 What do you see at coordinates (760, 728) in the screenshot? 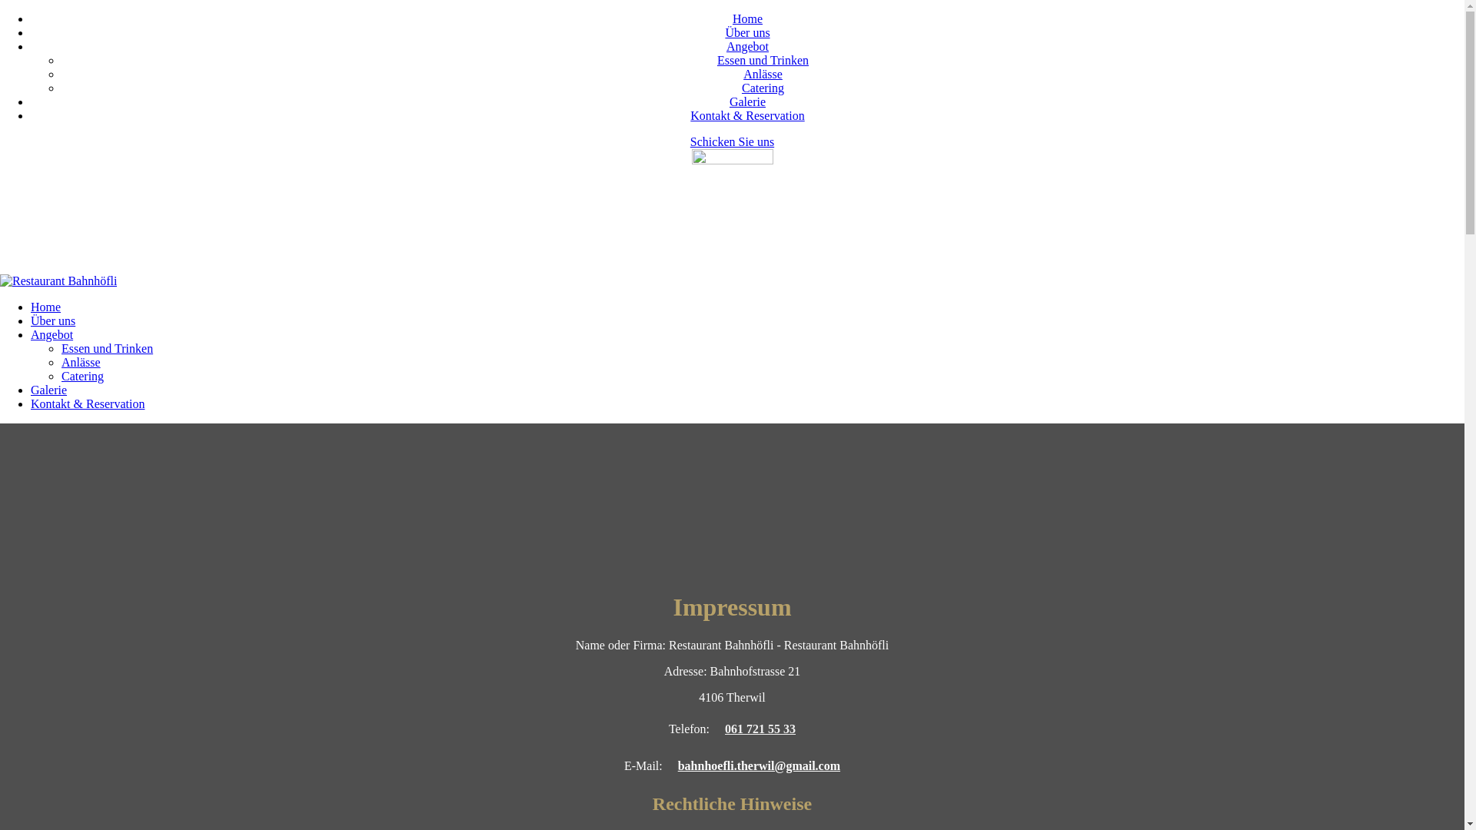
I see `'061 721 55 33'` at bounding box center [760, 728].